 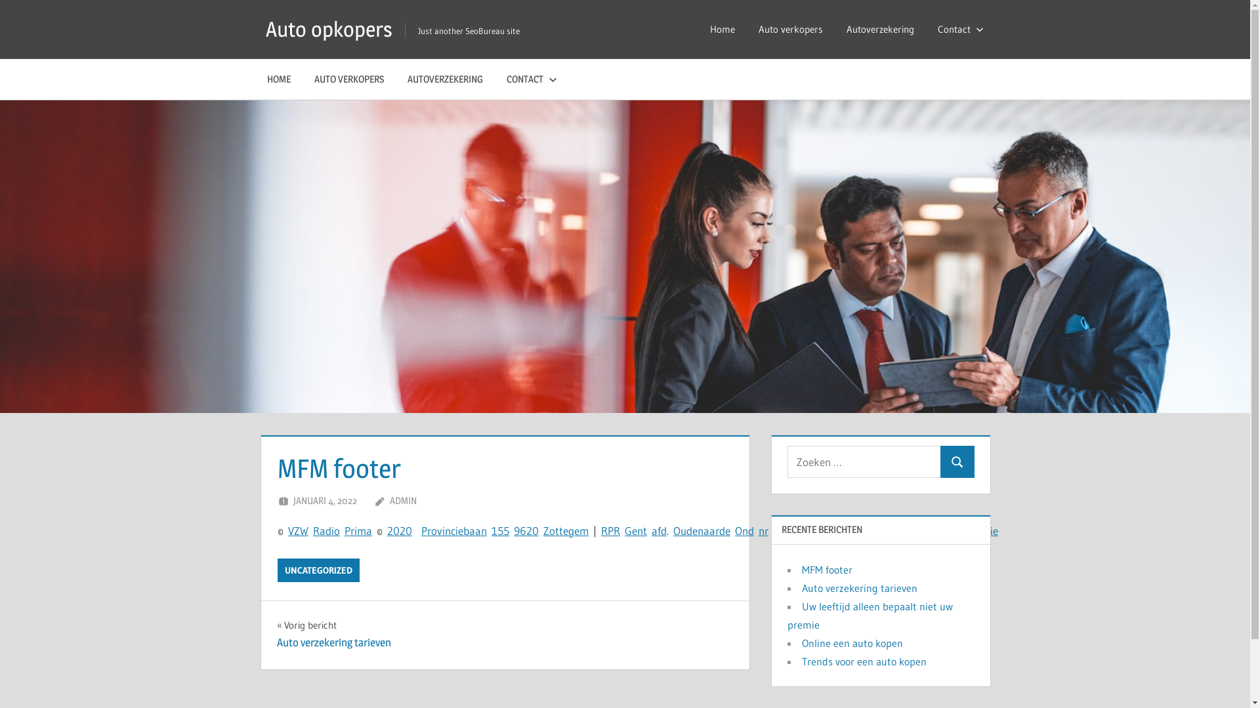 I want to click on 'f', so click(x=659, y=530).